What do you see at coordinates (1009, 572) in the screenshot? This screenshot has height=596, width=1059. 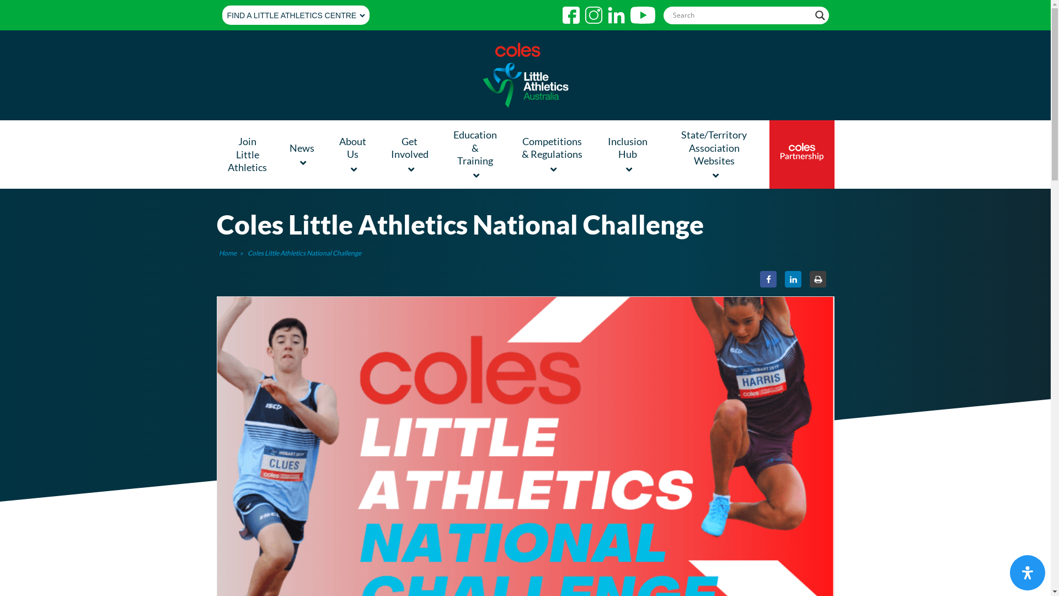 I see `'Accessibility'` at bounding box center [1009, 572].